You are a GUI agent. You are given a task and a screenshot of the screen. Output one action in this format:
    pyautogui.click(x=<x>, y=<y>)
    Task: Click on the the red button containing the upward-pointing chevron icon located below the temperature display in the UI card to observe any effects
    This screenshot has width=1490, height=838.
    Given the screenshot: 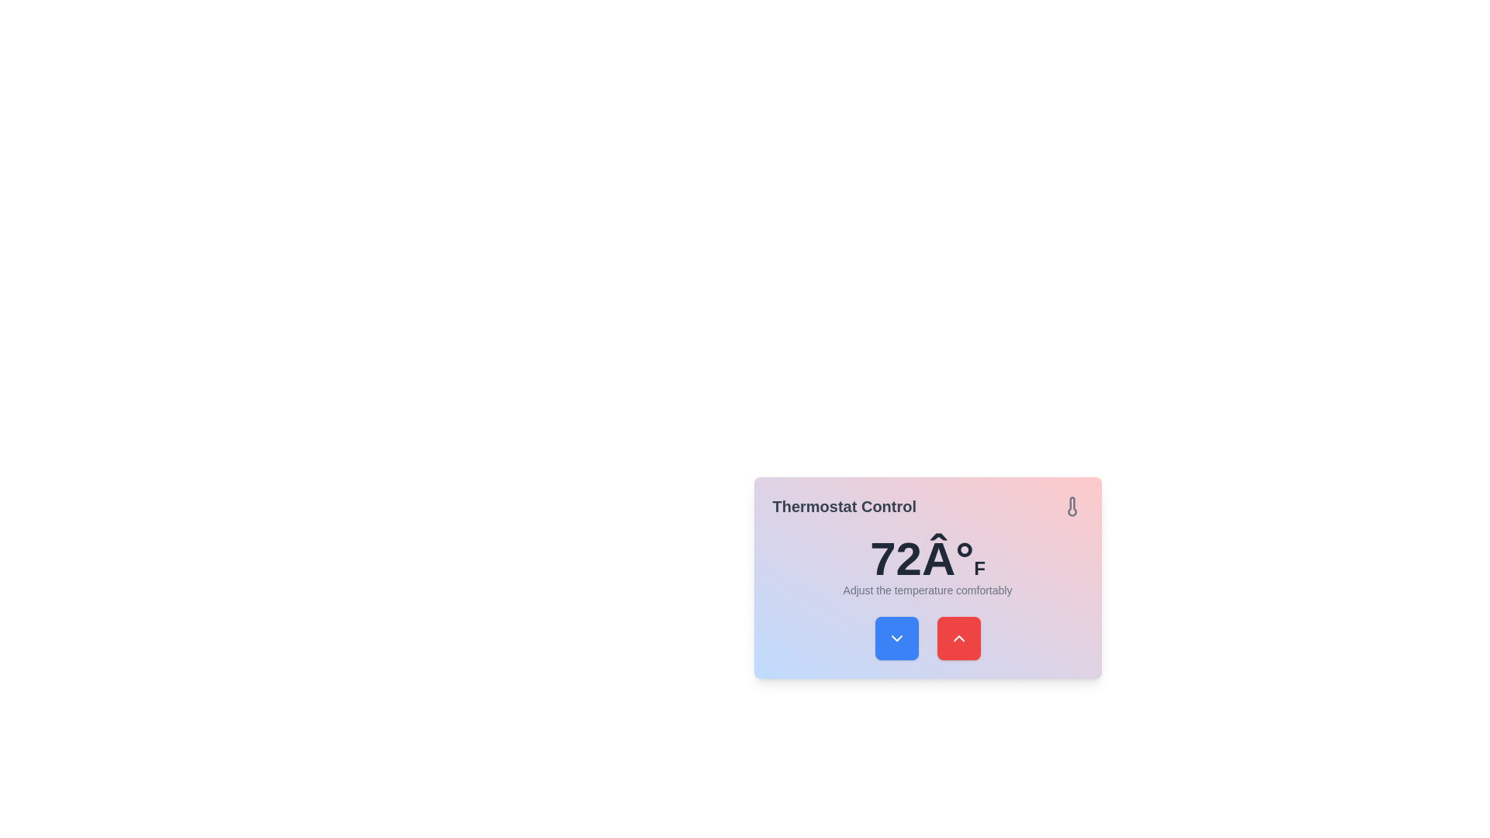 What is the action you would take?
    pyautogui.click(x=958, y=638)
    